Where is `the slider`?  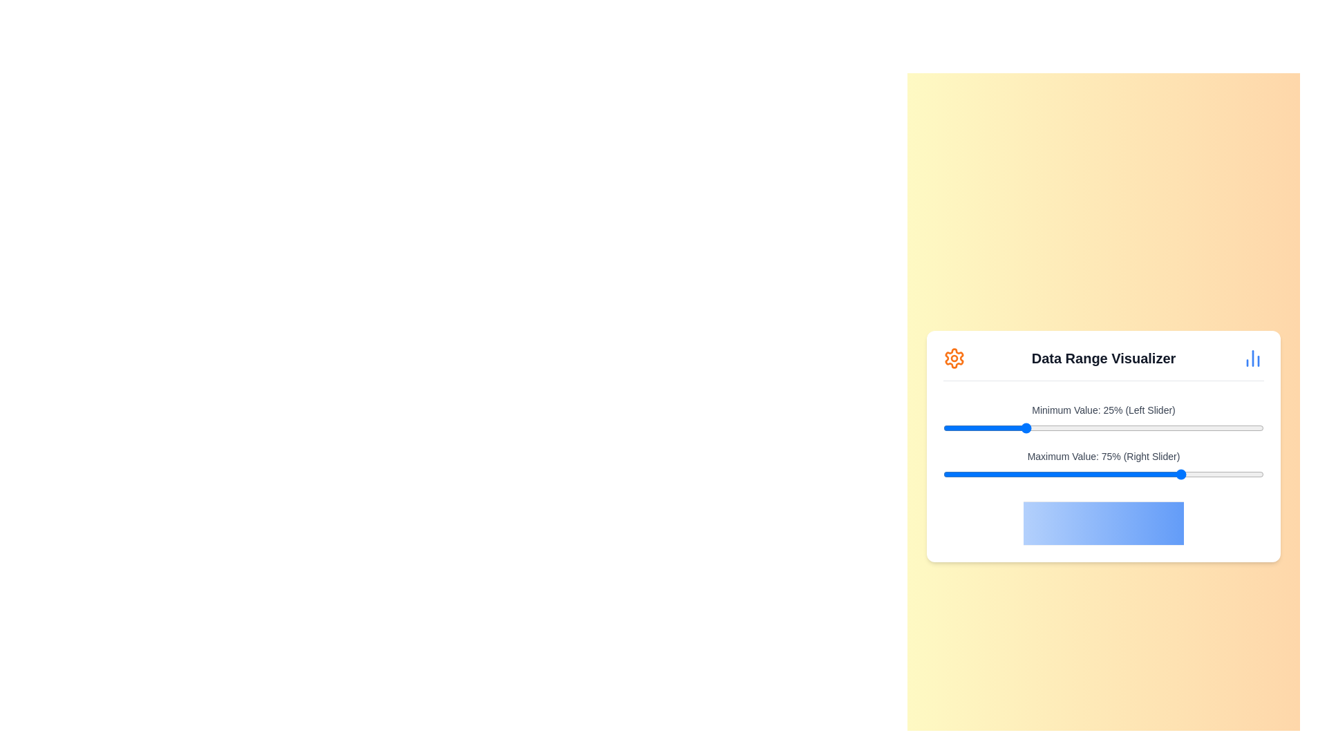 the slider is located at coordinates (990, 473).